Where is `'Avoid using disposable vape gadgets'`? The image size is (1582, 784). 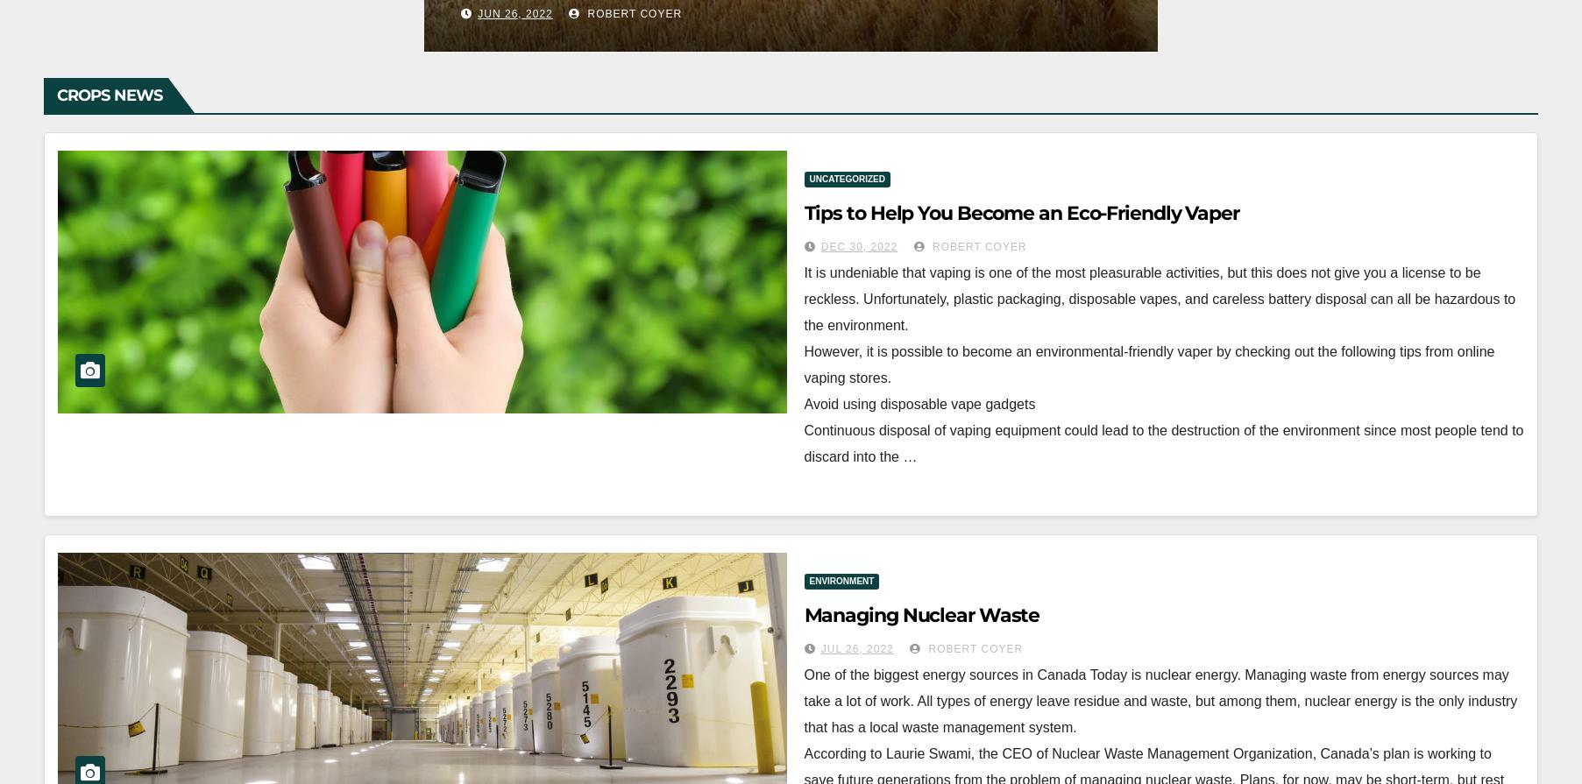 'Avoid using disposable vape gadgets' is located at coordinates (919, 402).